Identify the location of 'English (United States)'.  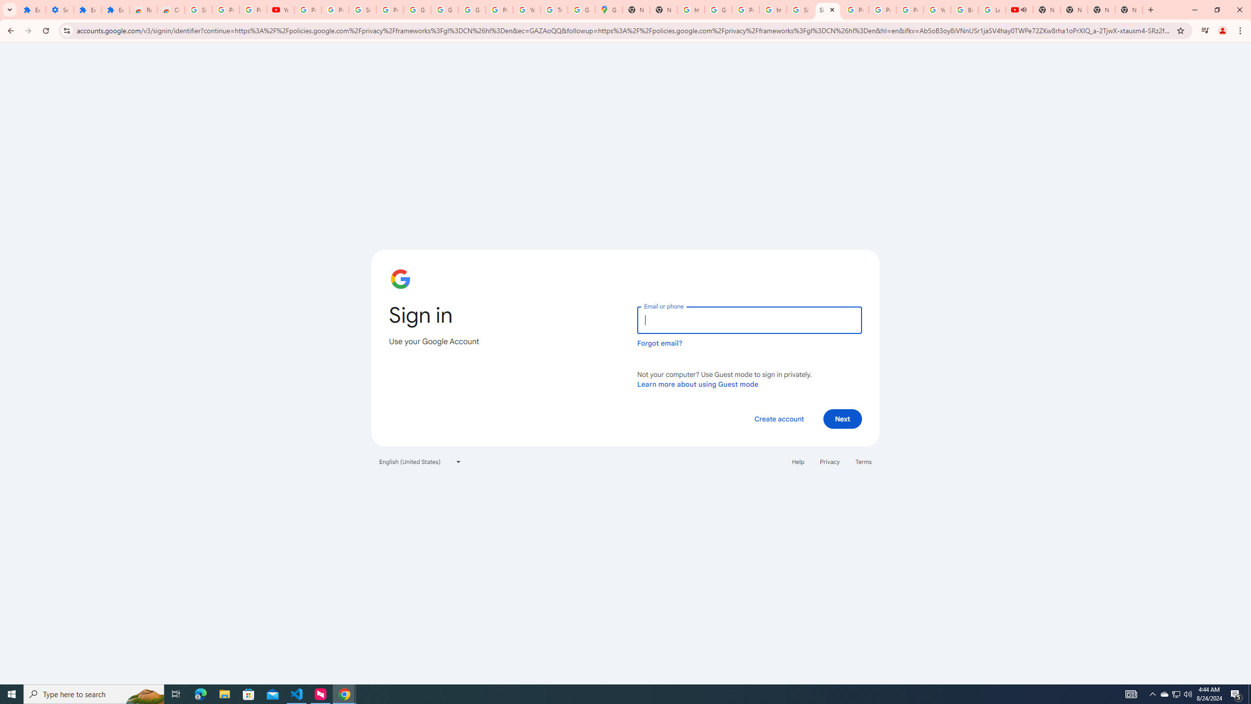
(420, 461).